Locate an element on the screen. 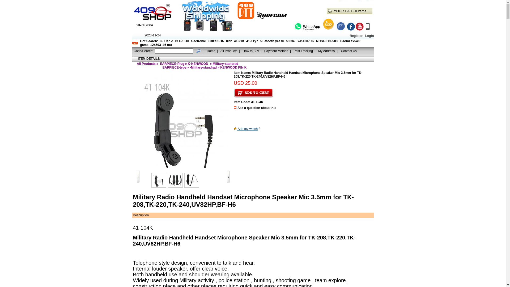  'K-KENWOOD' is located at coordinates (198, 63).